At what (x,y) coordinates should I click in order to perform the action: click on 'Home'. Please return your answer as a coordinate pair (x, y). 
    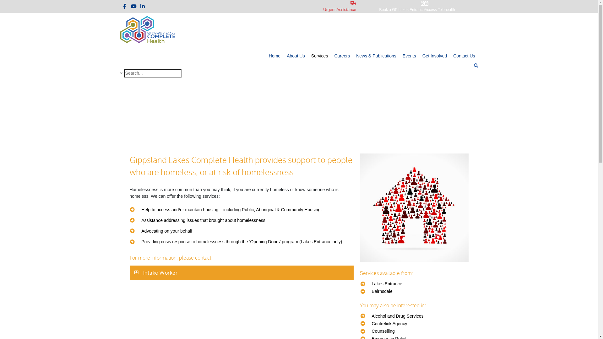
    Looking at the image, I should click on (274, 56).